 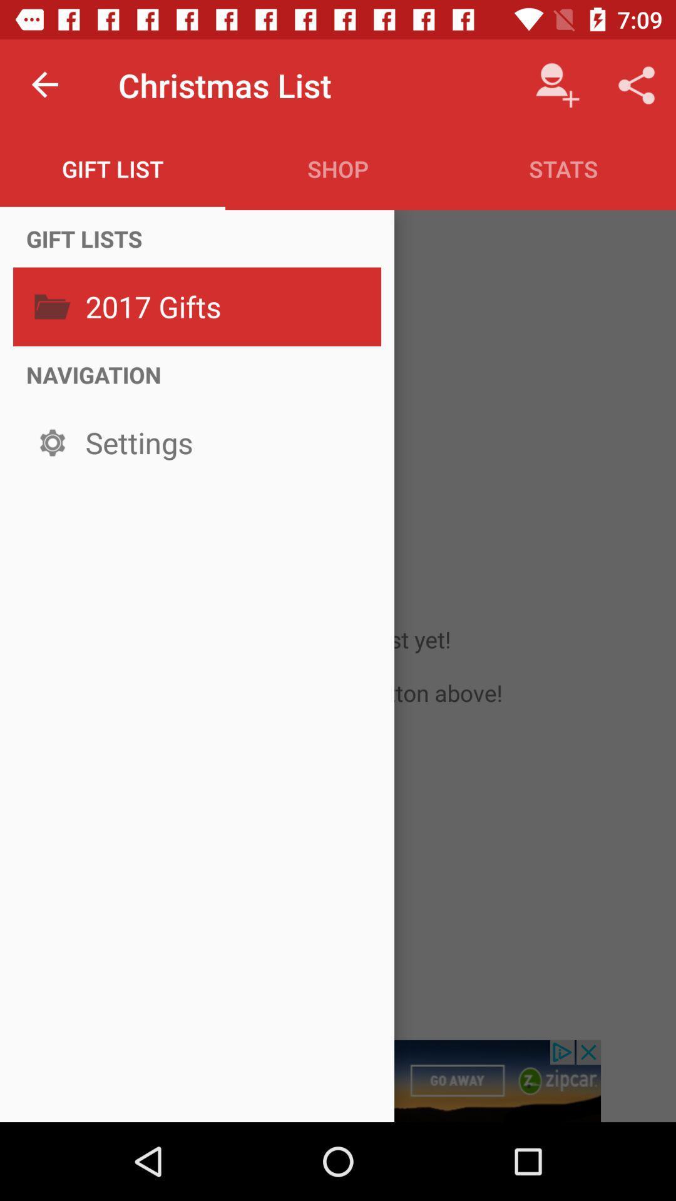 I want to click on click on the advertisement below, so click(x=338, y=1080).